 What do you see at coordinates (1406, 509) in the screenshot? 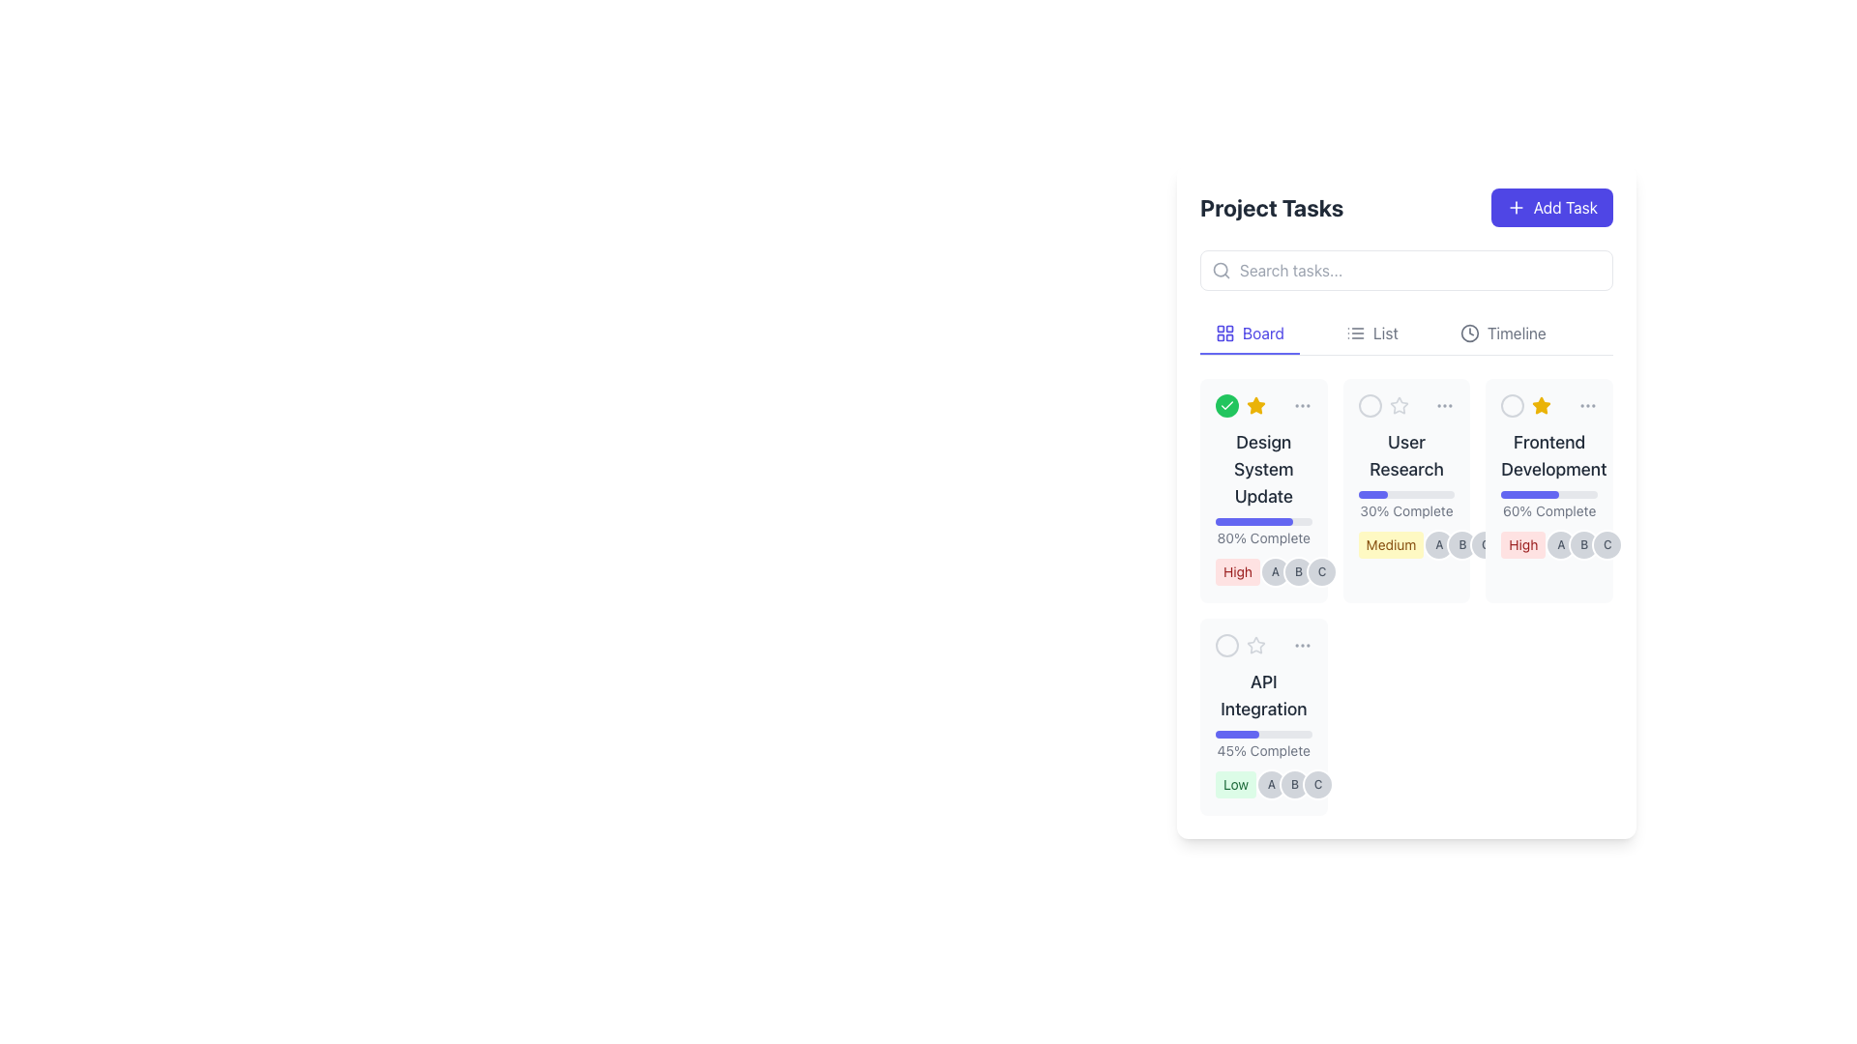
I see `the text label displaying '30% Complete' located beneath the blue progress bar in the 'User Research' task card` at bounding box center [1406, 509].